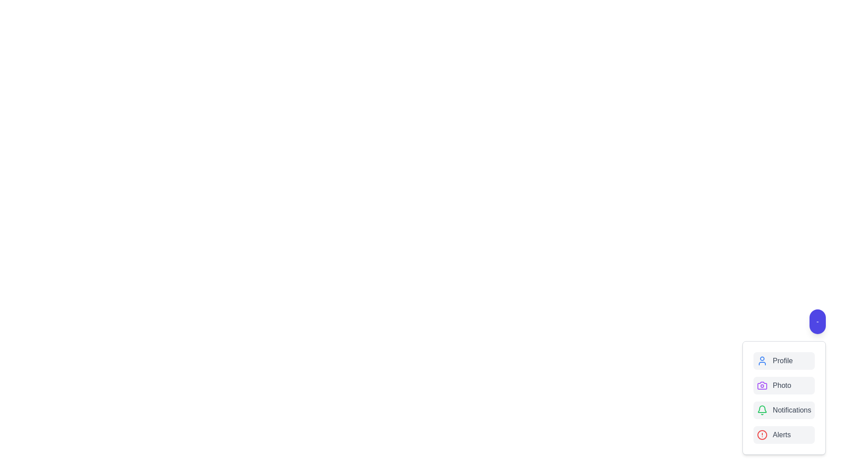  What do you see at coordinates (783, 435) in the screenshot?
I see `the 'Alerts' option in the speed dial menu` at bounding box center [783, 435].